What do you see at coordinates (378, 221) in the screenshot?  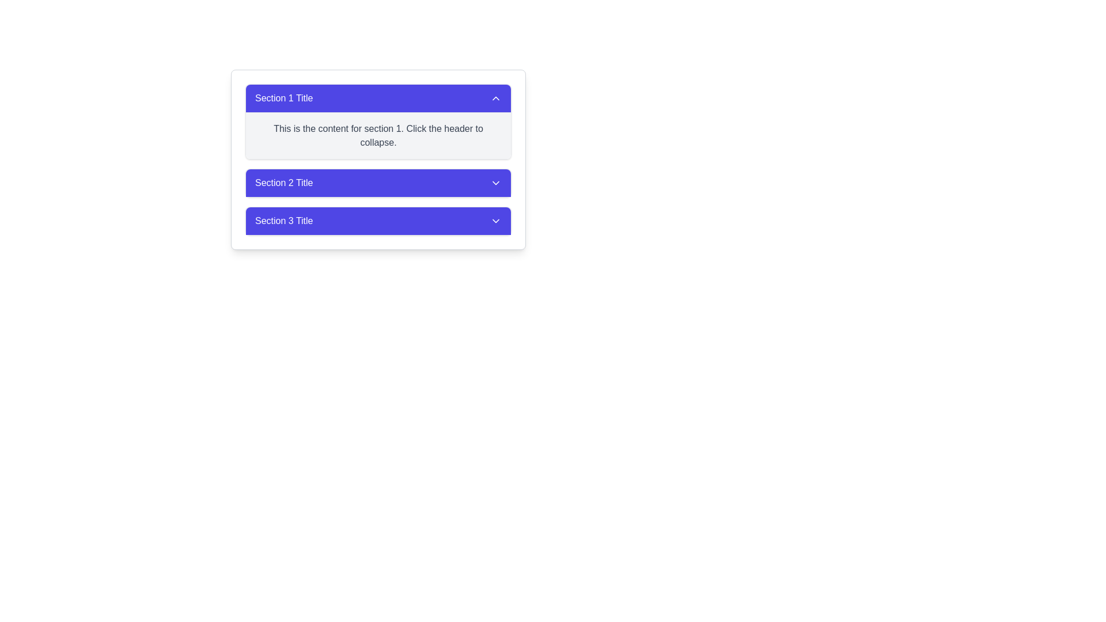 I see `the collapsible section header button for 'Section 3'` at bounding box center [378, 221].